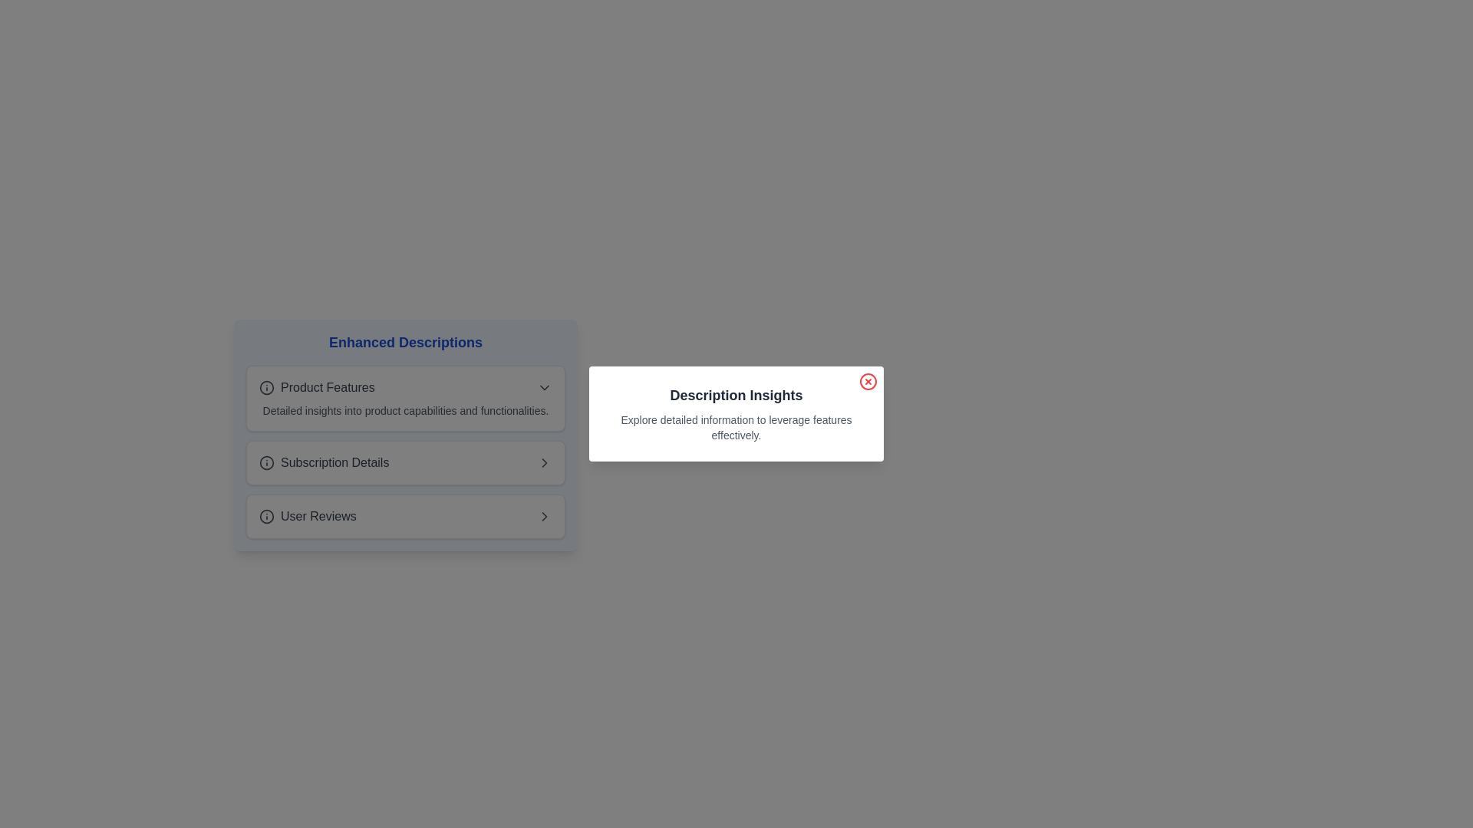 The width and height of the screenshot is (1473, 828). I want to click on text of the 'Subscription Details' label, which is a medium-sized gray text label positioned as the second item beneath the 'Product Features' item, so click(334, 462).